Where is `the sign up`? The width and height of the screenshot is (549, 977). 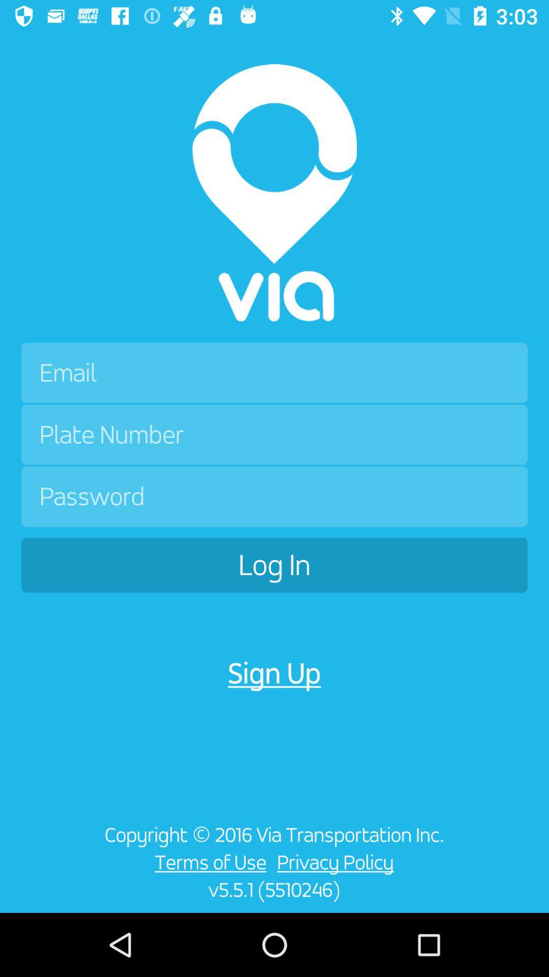 the sign up is located at coordinates (274, 673).